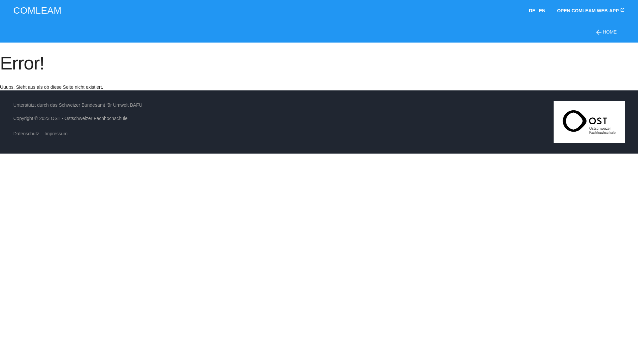  I want to click on 'DE', so click(529, 10).